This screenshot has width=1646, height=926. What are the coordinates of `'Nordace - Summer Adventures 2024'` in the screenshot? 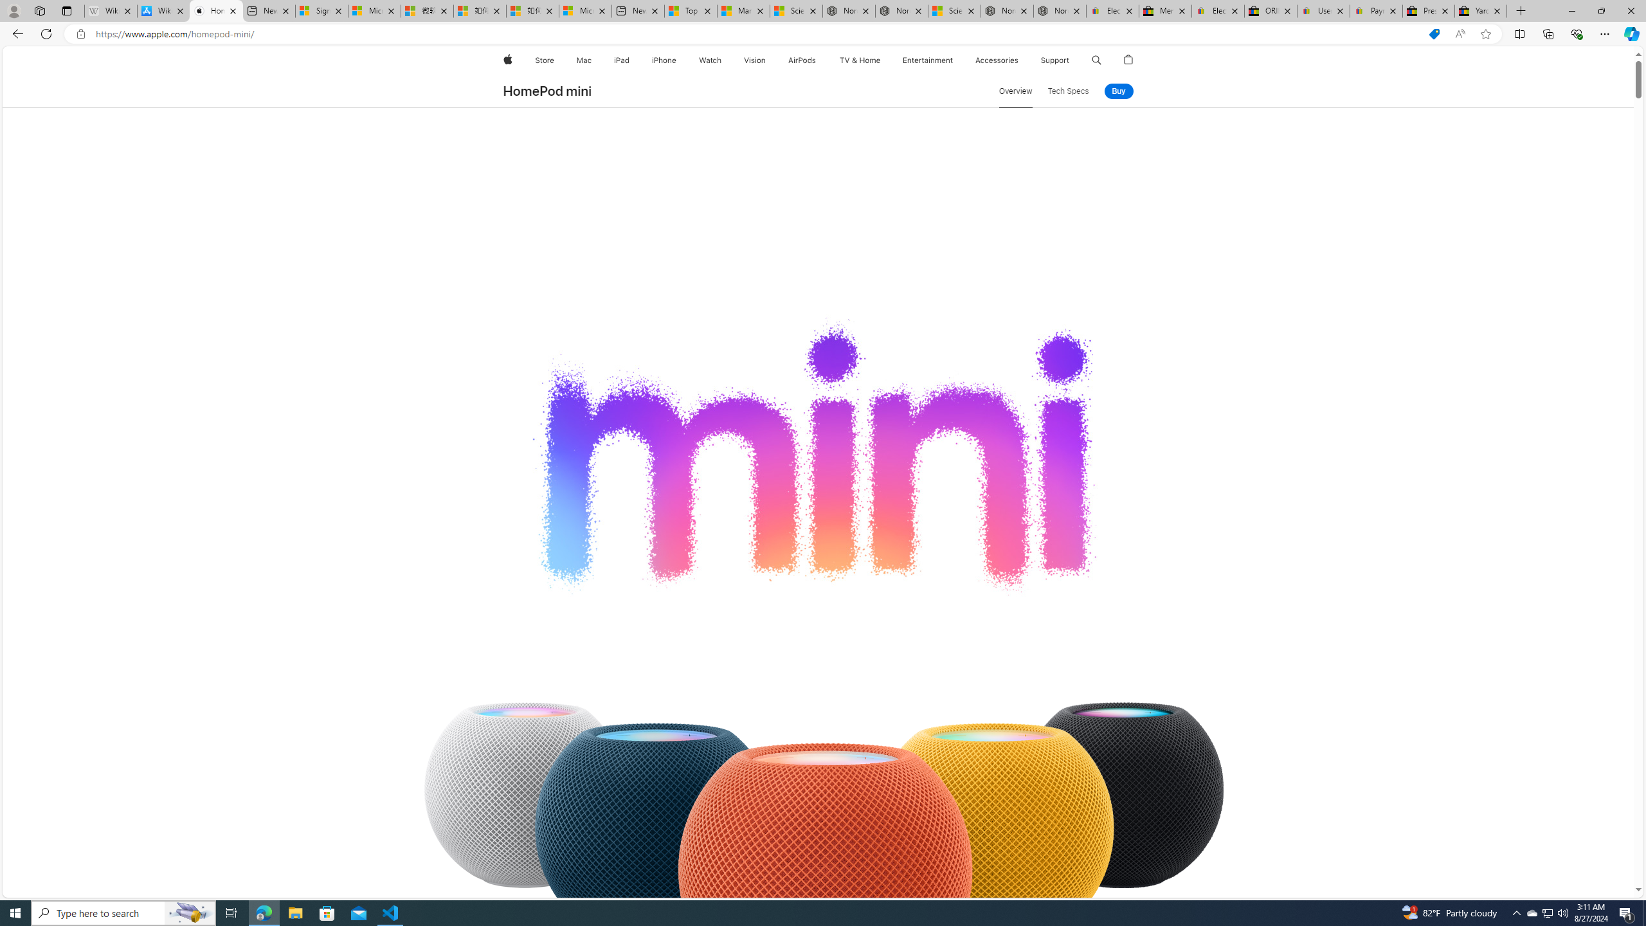 It's located at (1006, 10).